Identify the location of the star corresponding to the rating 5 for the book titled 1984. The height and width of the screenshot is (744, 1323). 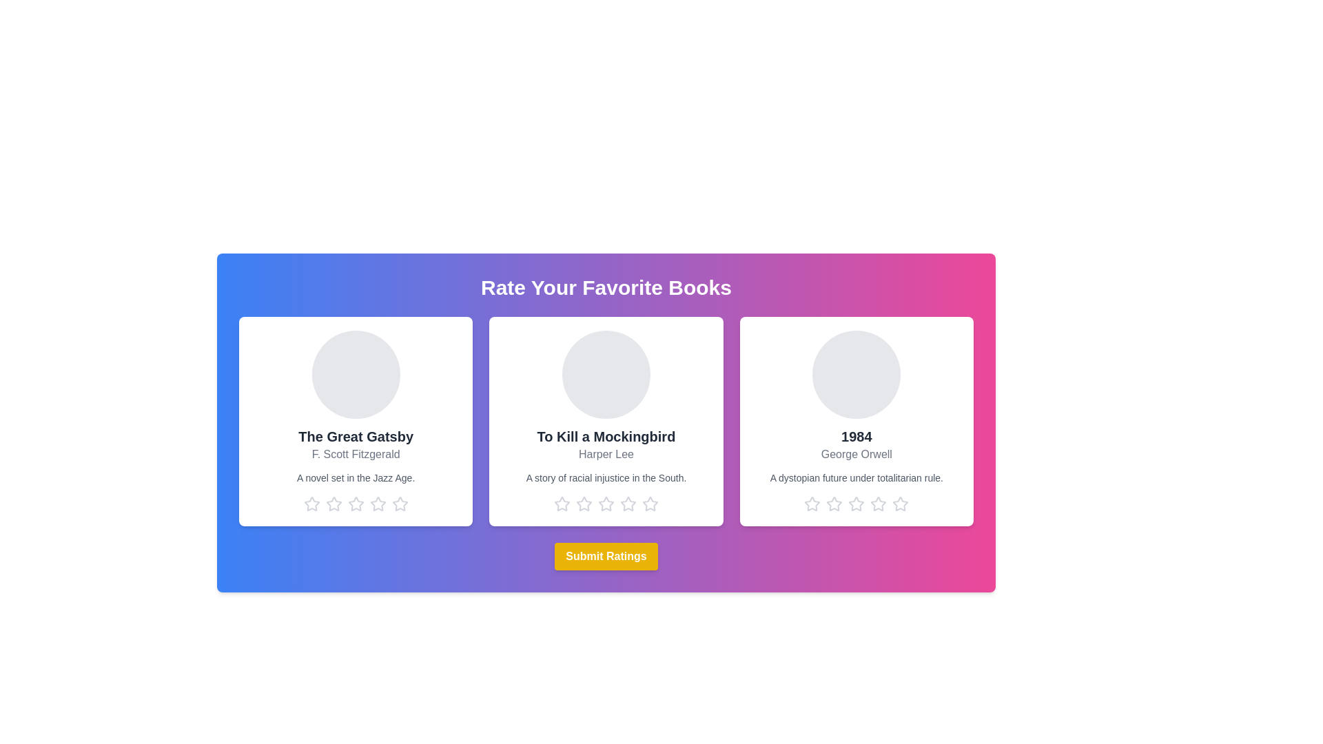
(901, 504).